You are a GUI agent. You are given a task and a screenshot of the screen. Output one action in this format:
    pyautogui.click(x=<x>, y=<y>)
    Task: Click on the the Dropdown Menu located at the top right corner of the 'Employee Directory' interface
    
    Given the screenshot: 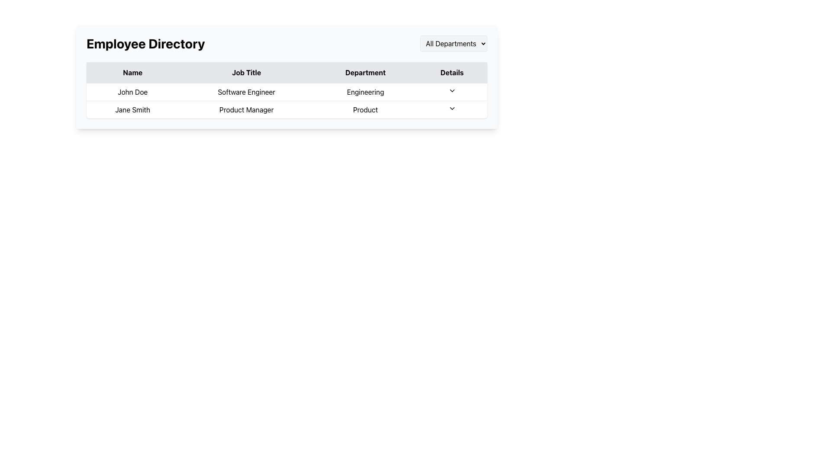 What is the action you would take?
    pyautogui.click(x=453, y=43)
    